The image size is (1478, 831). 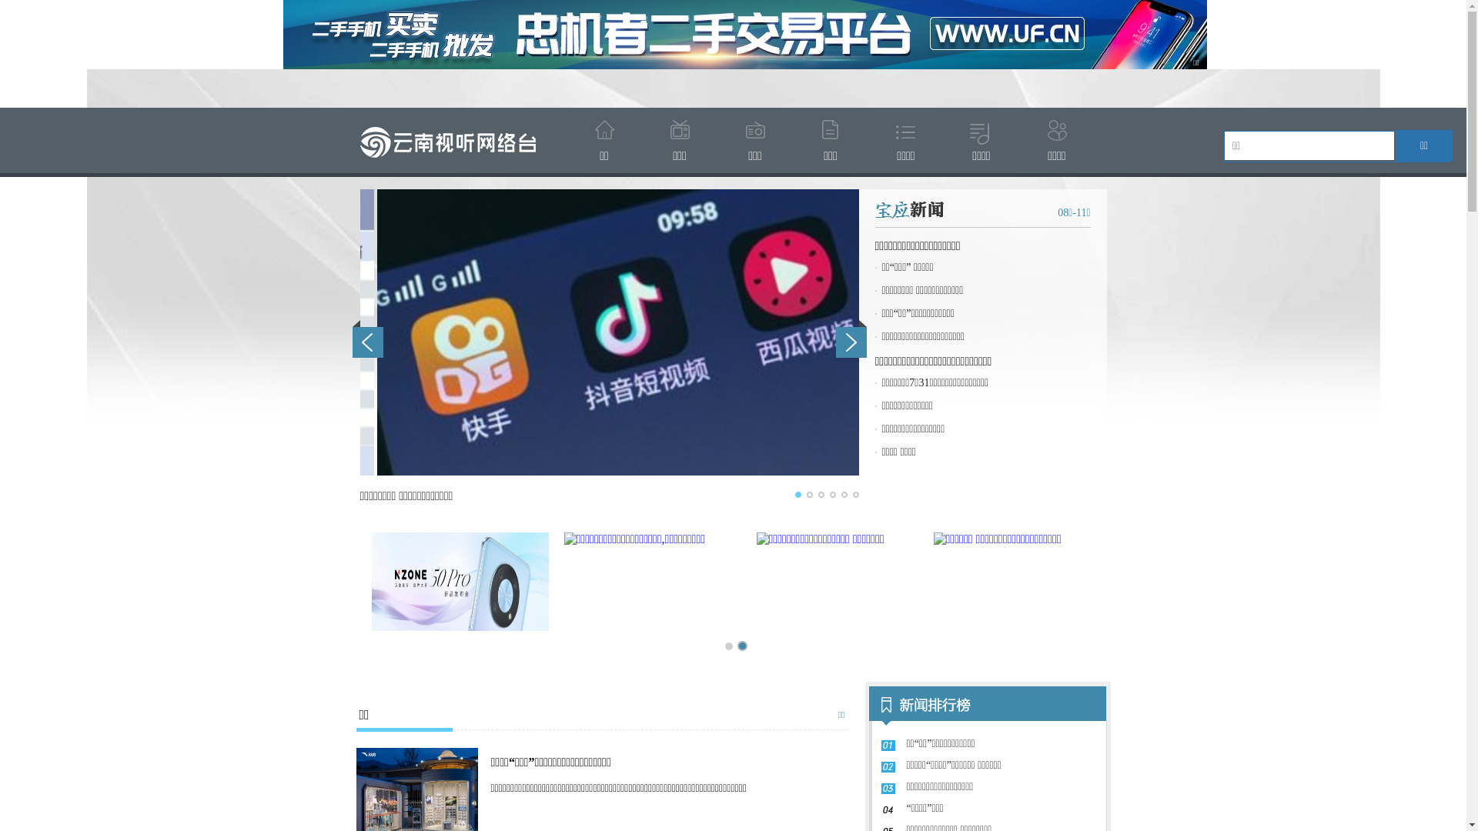 What do you see at coordinates (855, 495) in the screenshot?
I see `'6'` at bounding box center [855, 495].